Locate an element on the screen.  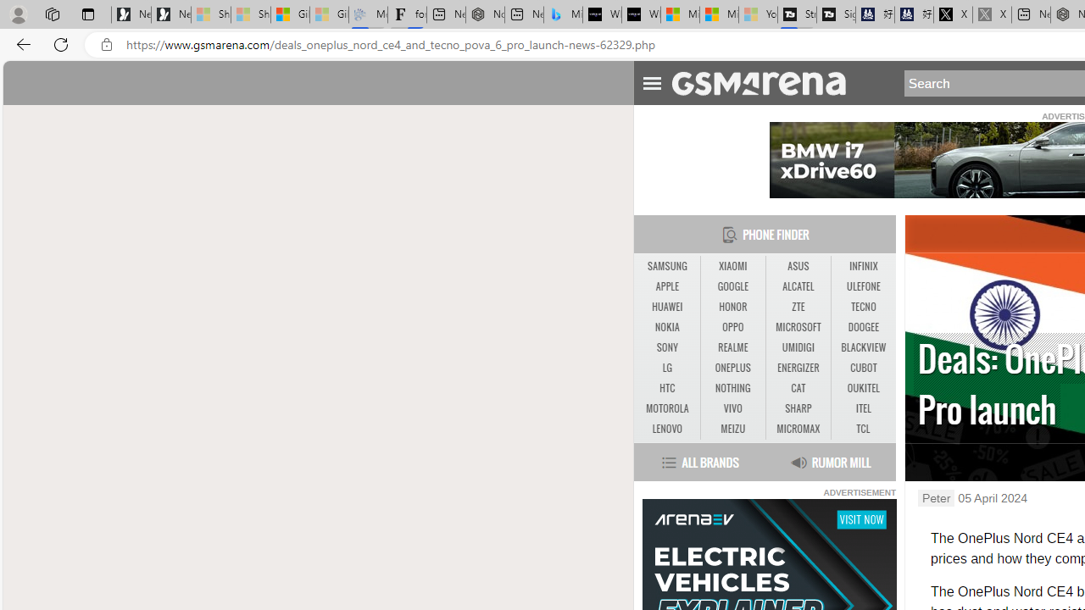
'XIAOMI' is located at coordinates (732, 267).